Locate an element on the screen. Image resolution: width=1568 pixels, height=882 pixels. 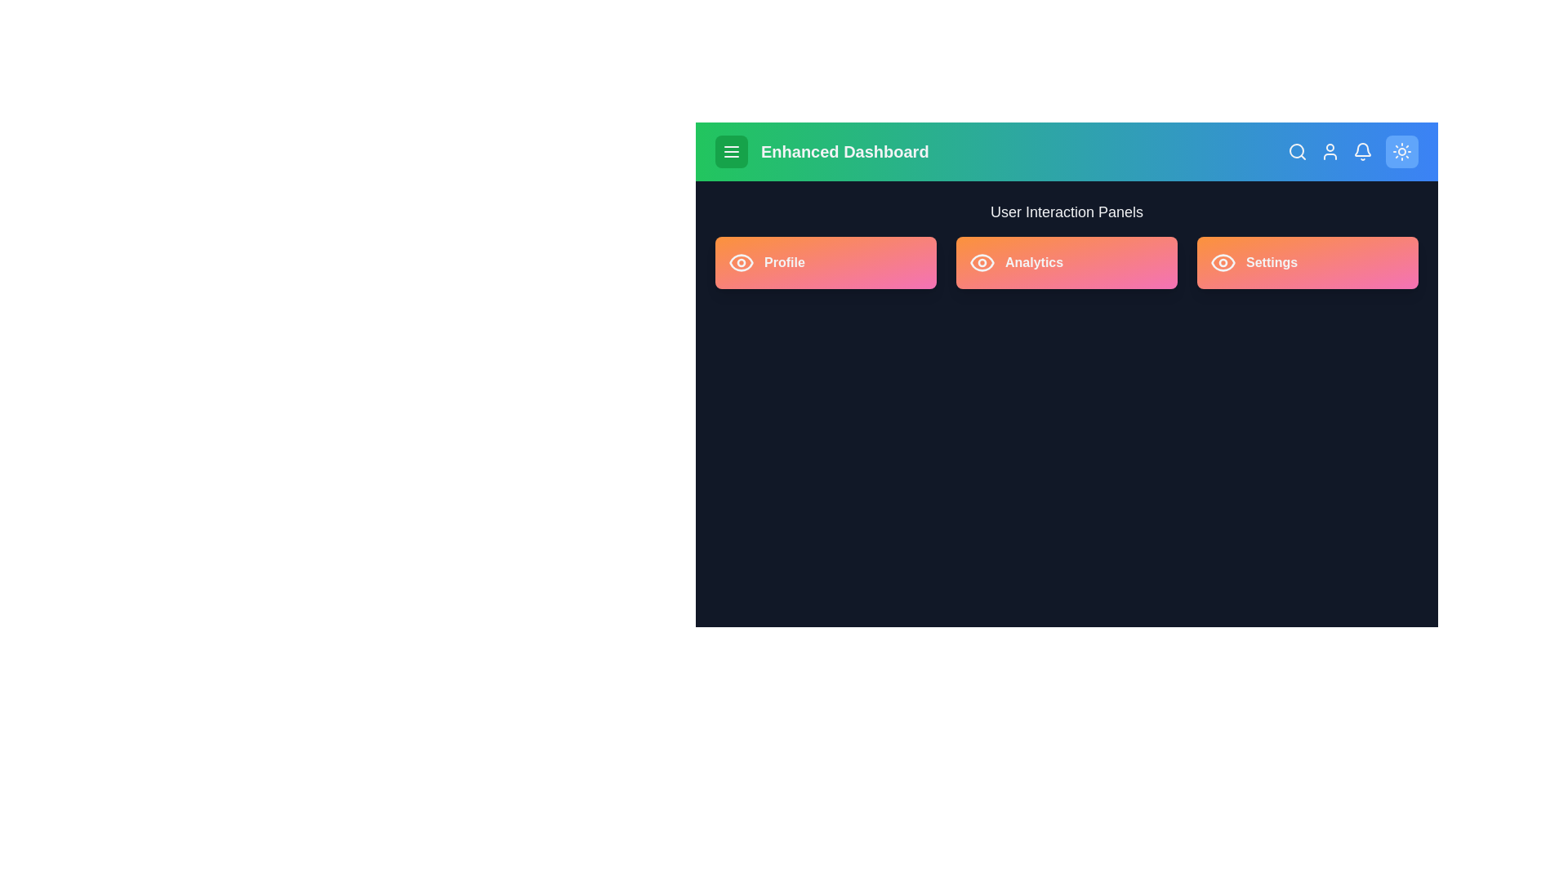
the 'Analytics' panel to open it is located at coordinates (1066, 261).